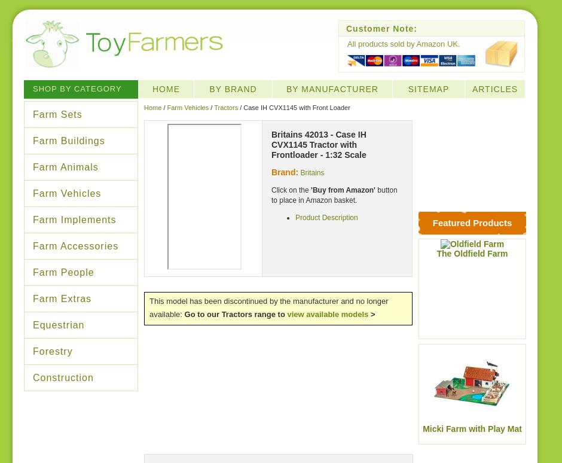  Describe the element at coordinates (428, 88) in the screenshot. I see `'SITEMAP'` at that location.